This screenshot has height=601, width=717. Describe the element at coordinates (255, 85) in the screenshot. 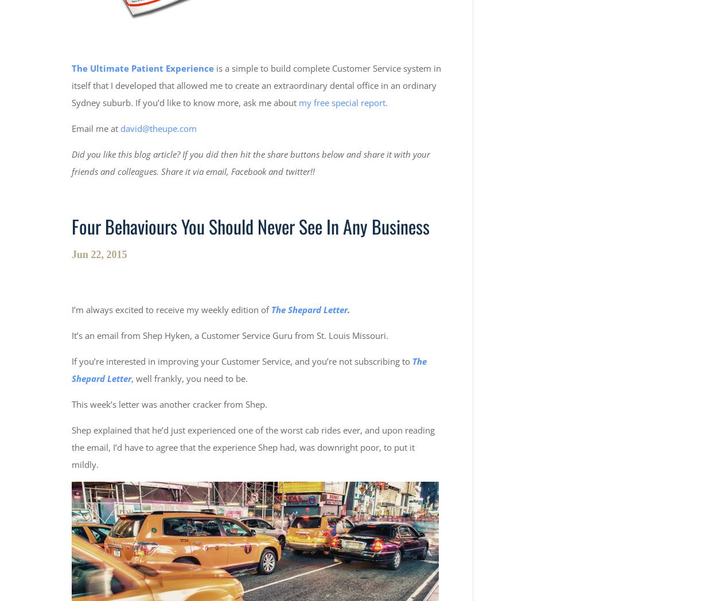

I see `'is a simple to build complete Customer Service system in itself that I developed that allowed me to create an extraordinary dental office in an ordinary Sydney suburb. If you’d like to know more, ask me about'` at that location.